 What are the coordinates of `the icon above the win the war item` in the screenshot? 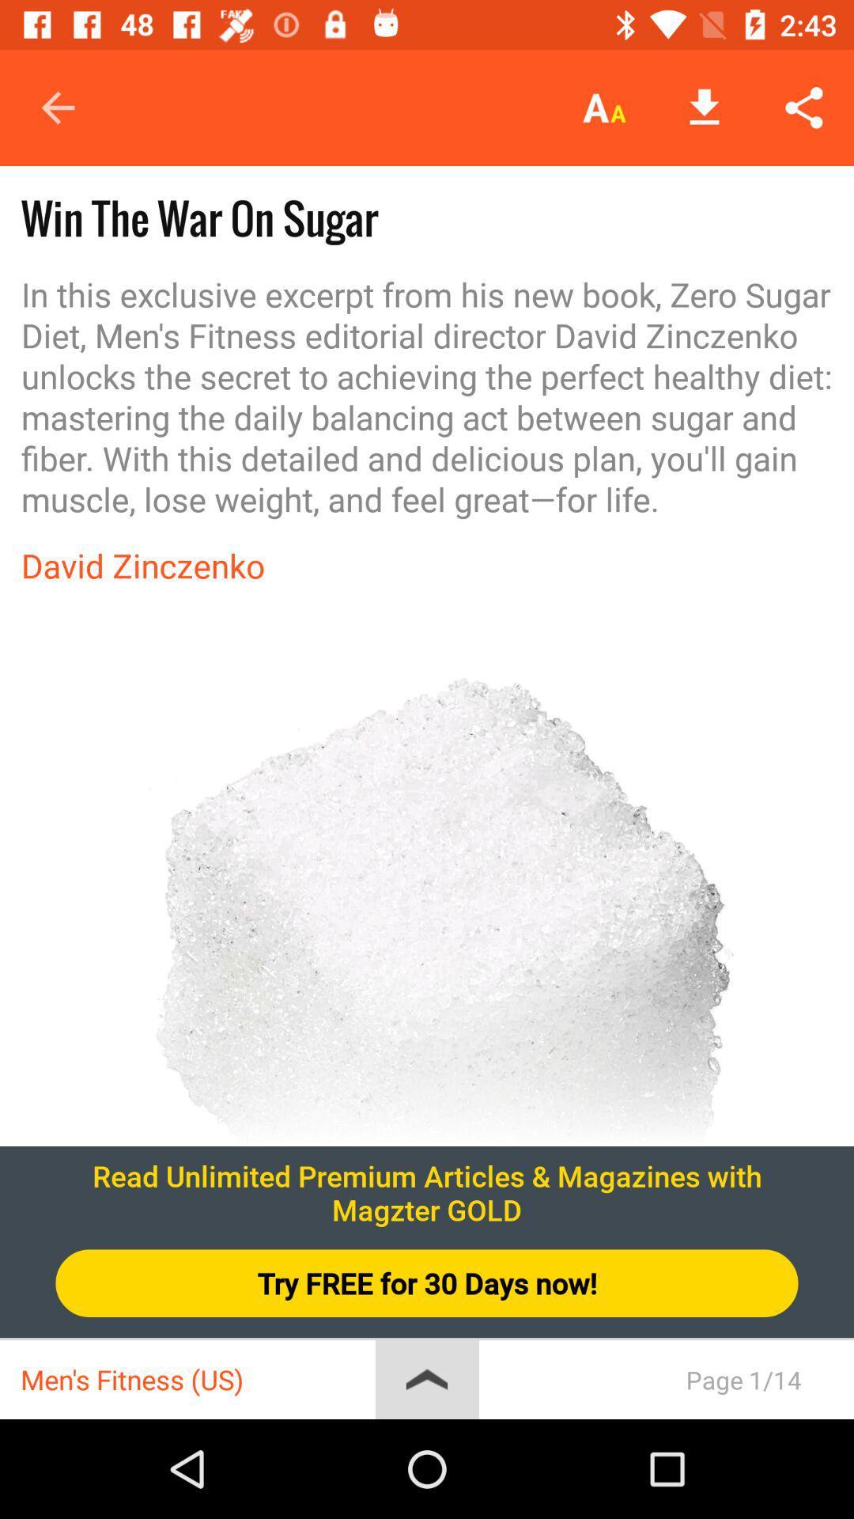 It's located at (57, 107).